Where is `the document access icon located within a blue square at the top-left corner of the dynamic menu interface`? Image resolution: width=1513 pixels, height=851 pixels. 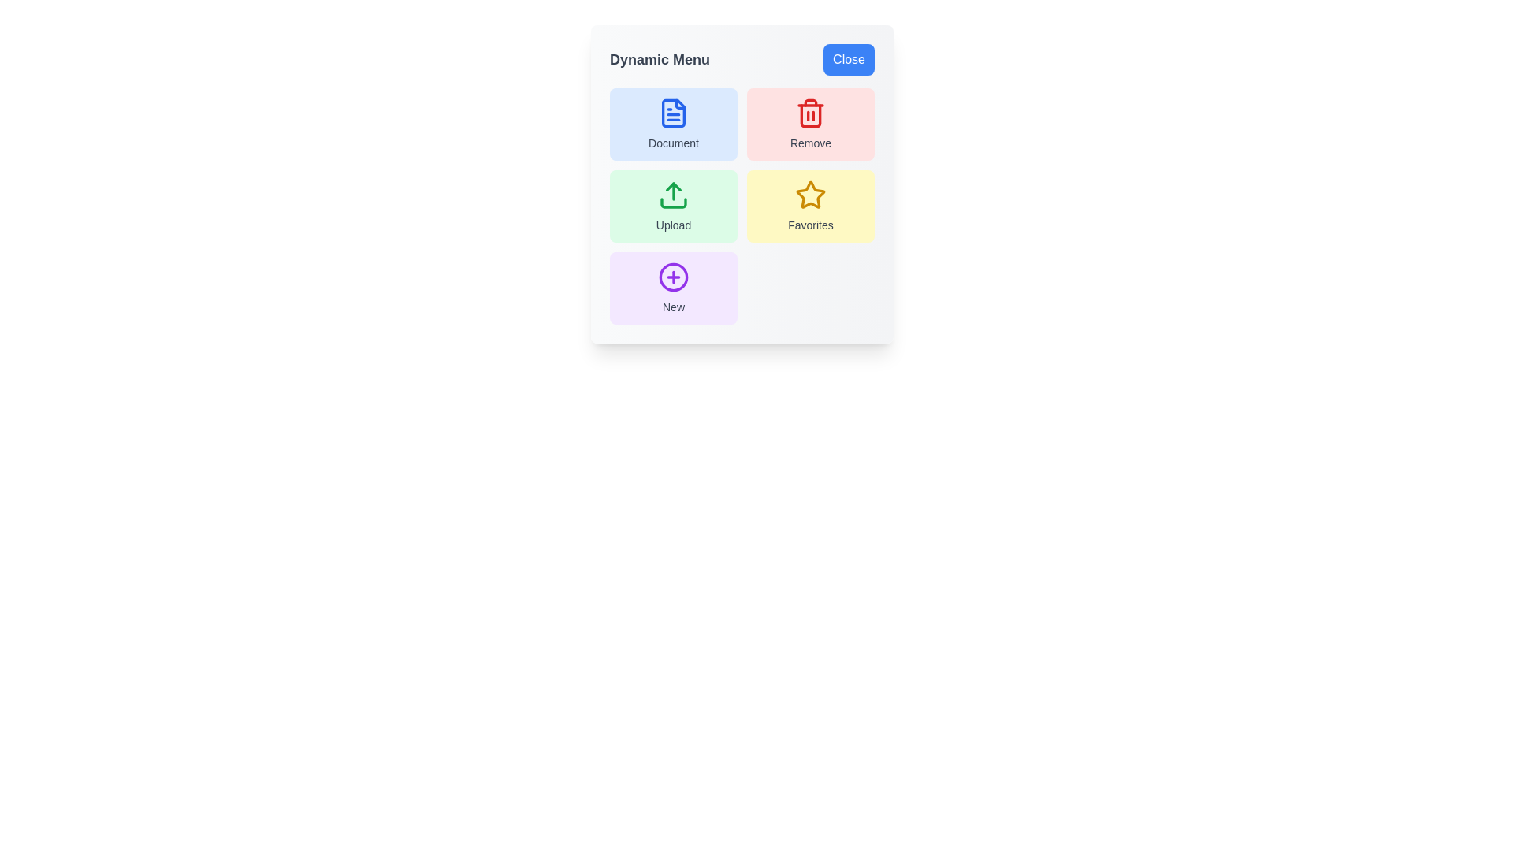
the document access icon located within a blue square at the top-left corner of the dynamic menu interface is located at coordinates (673, 112).